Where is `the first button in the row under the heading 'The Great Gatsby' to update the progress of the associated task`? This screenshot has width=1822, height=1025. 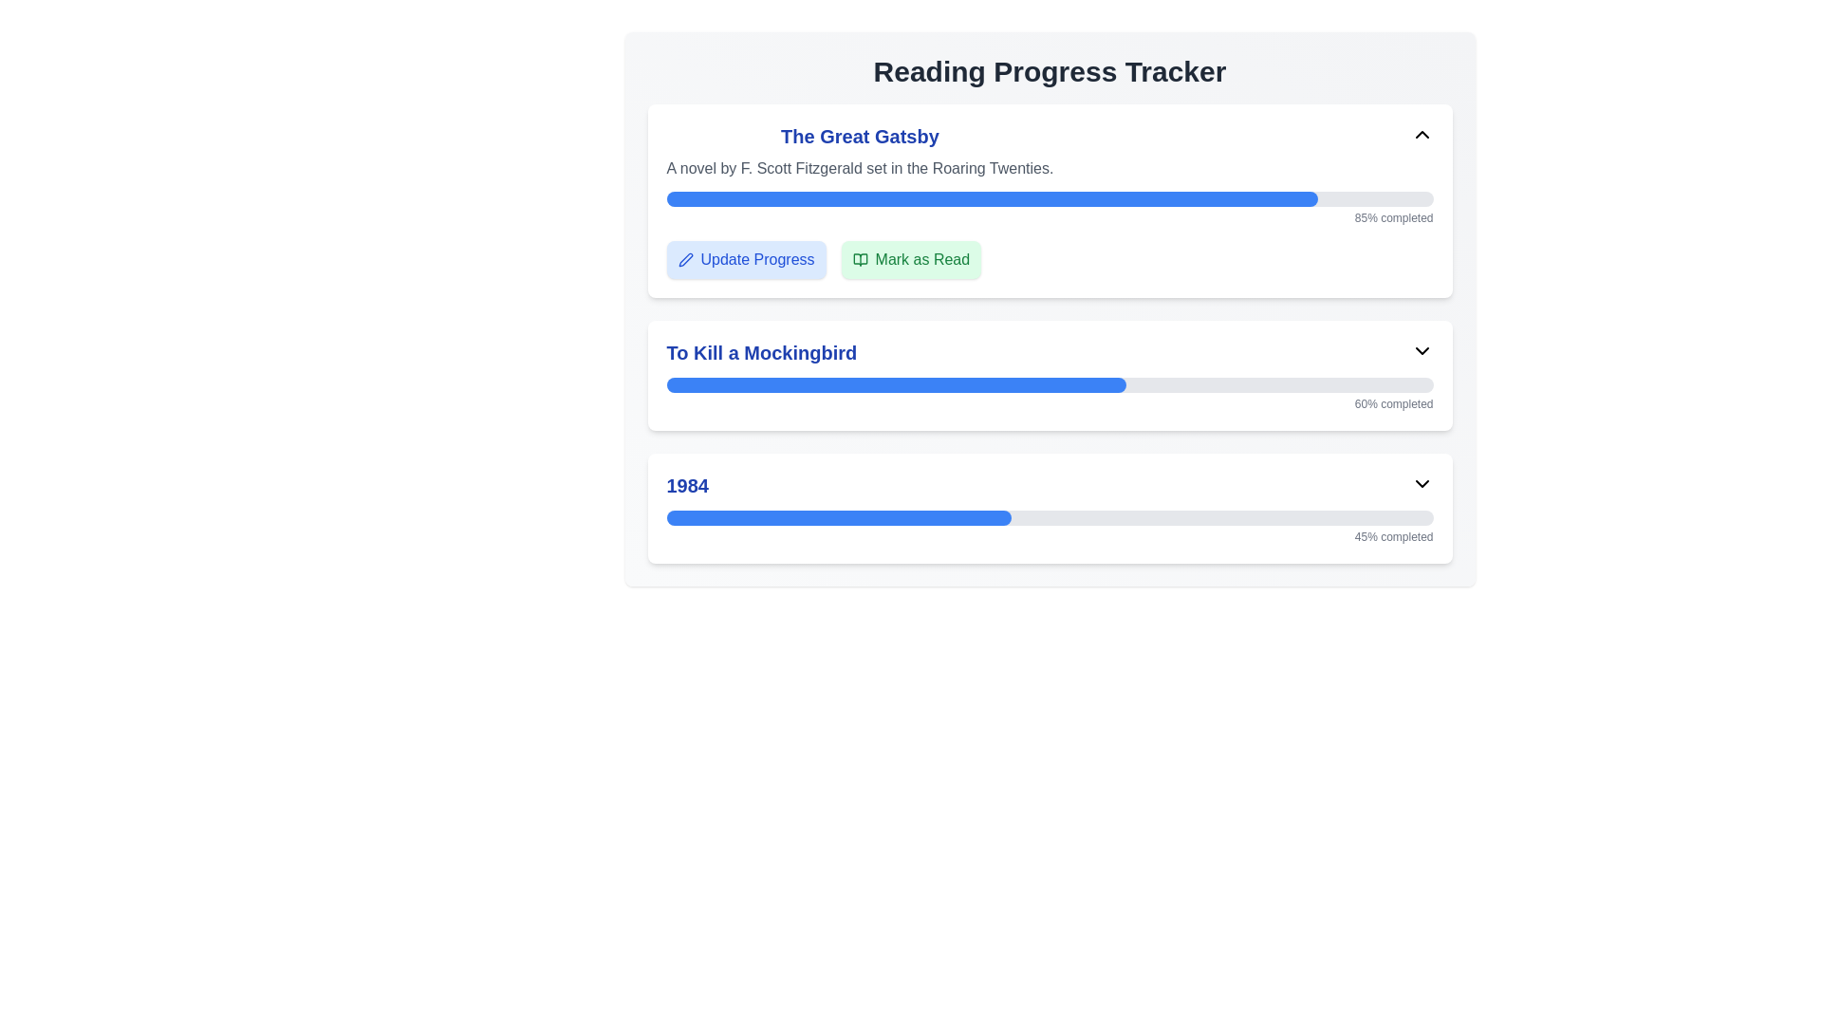 the first button in the row under the heading 'The Great Gatsby' to update the progress of the associated task is located at coordinates (745, 259).